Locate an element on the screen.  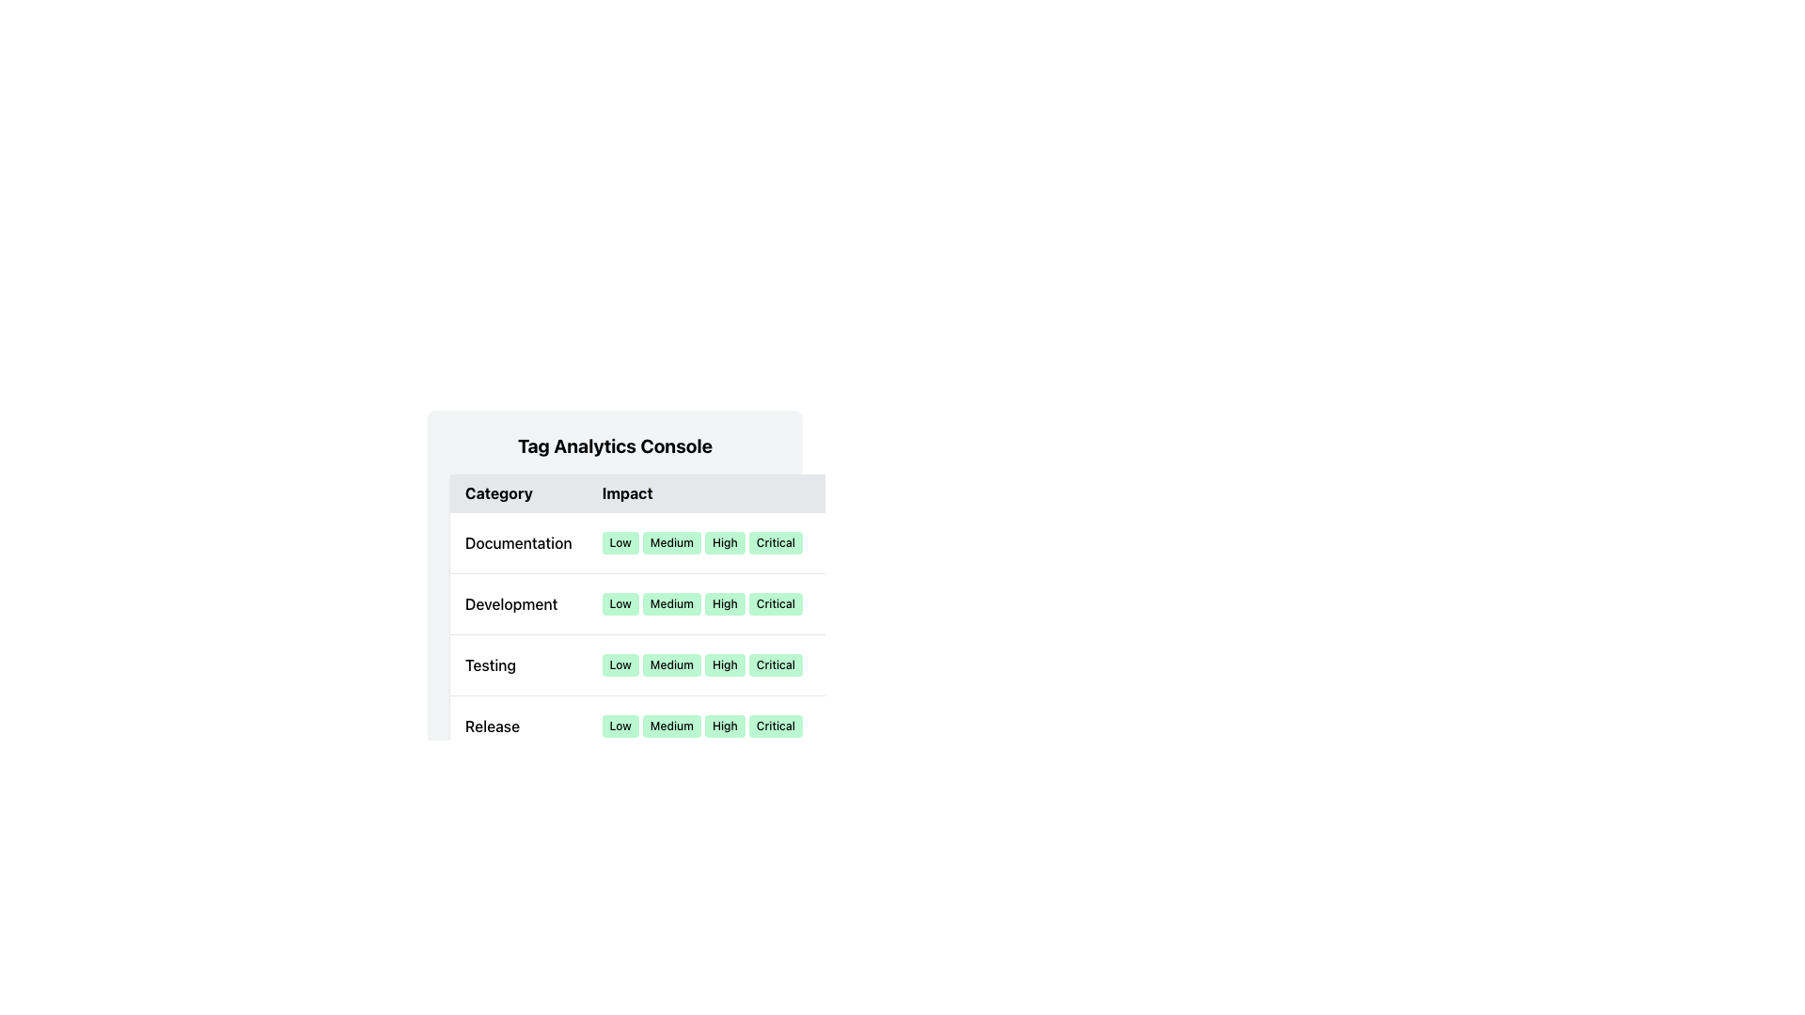
the 'Low' tag or label, which is the first item in a row of impact level labels within the analytics interface is located at coordinates (620, 725).